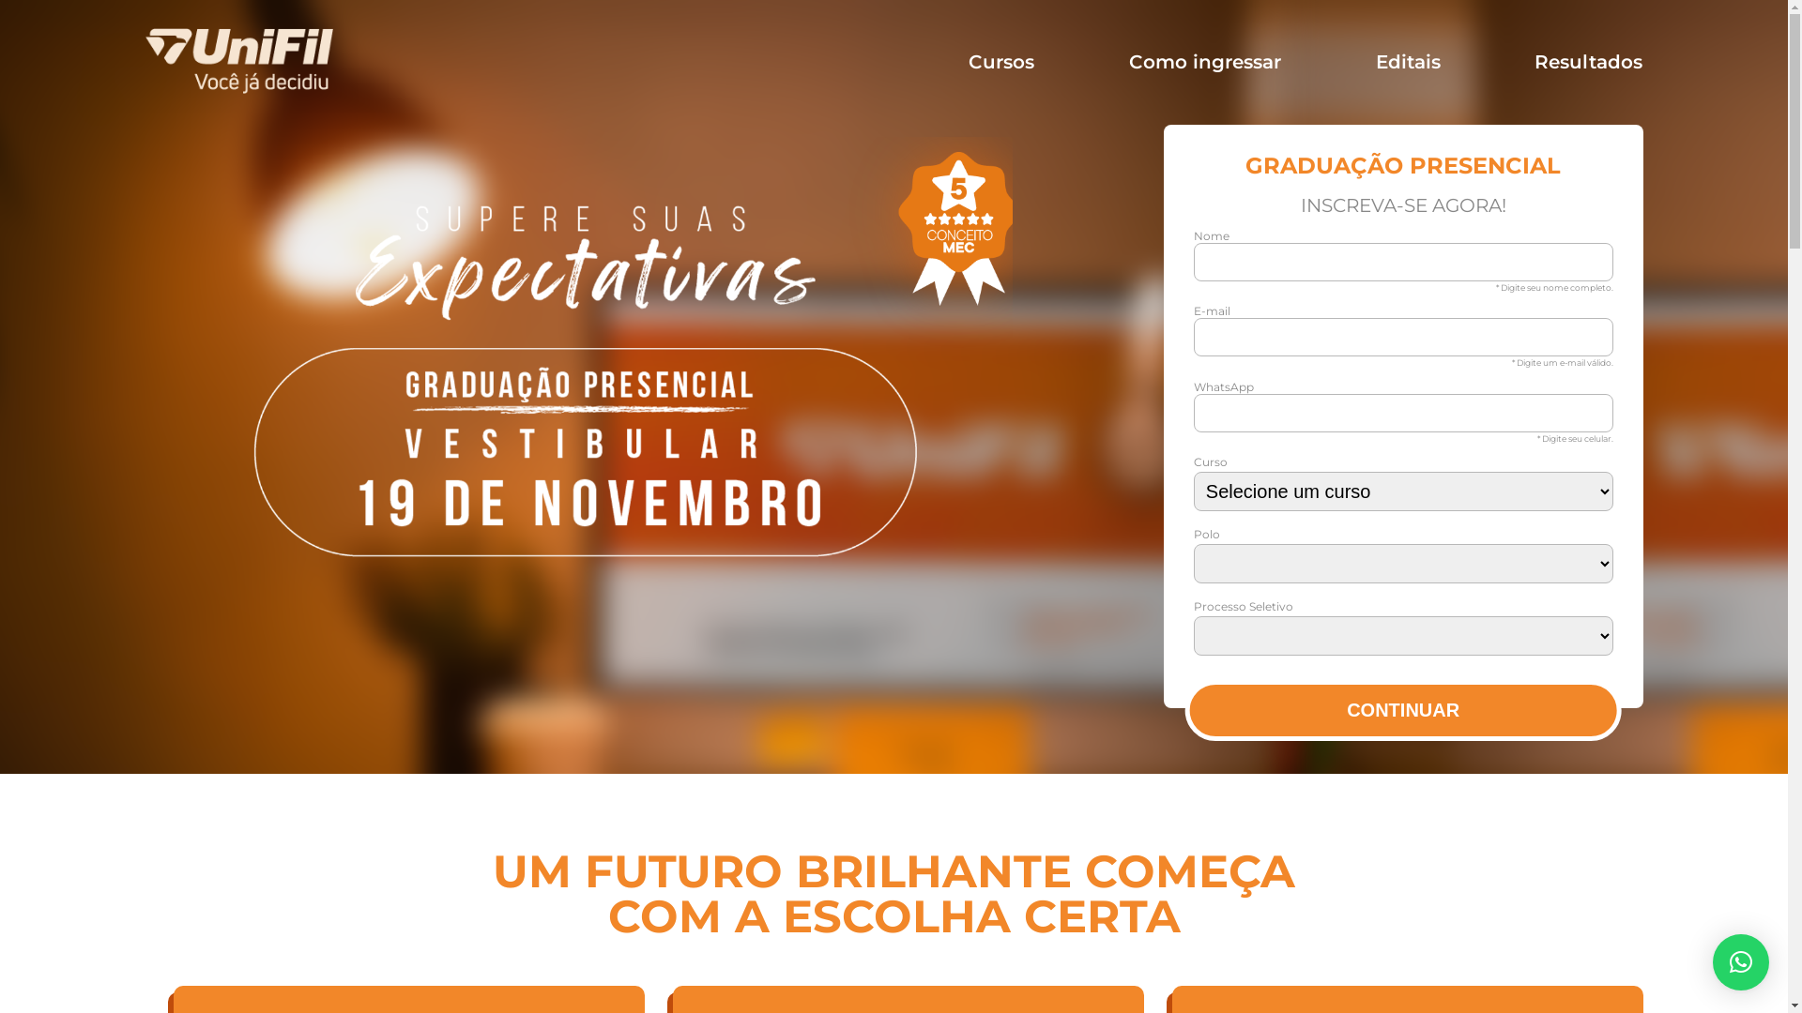  What do you see at coordinates (1408, 60) in the screenshot?
I see `'Editais'` at bounding box center [1408, 60].